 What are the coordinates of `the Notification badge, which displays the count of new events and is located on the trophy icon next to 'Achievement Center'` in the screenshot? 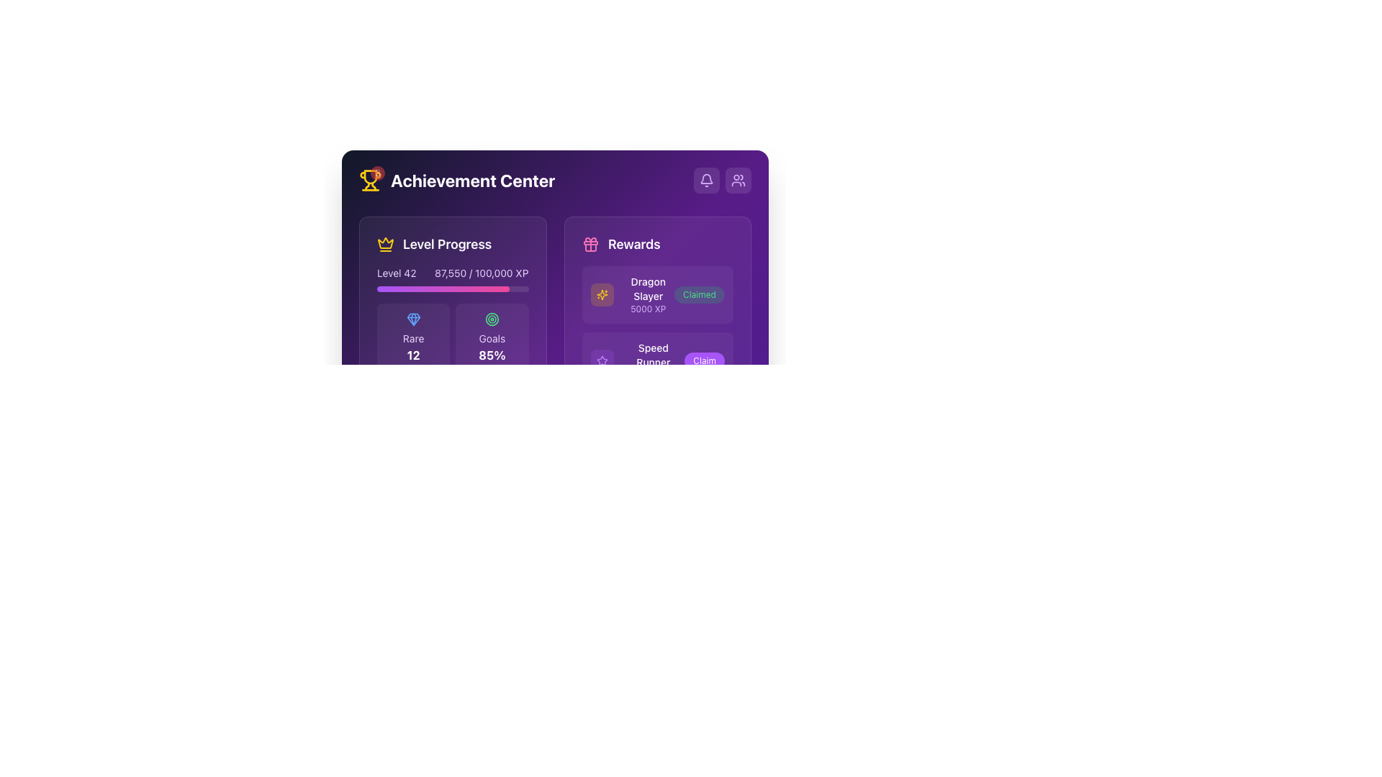 It's located at (370, 179).